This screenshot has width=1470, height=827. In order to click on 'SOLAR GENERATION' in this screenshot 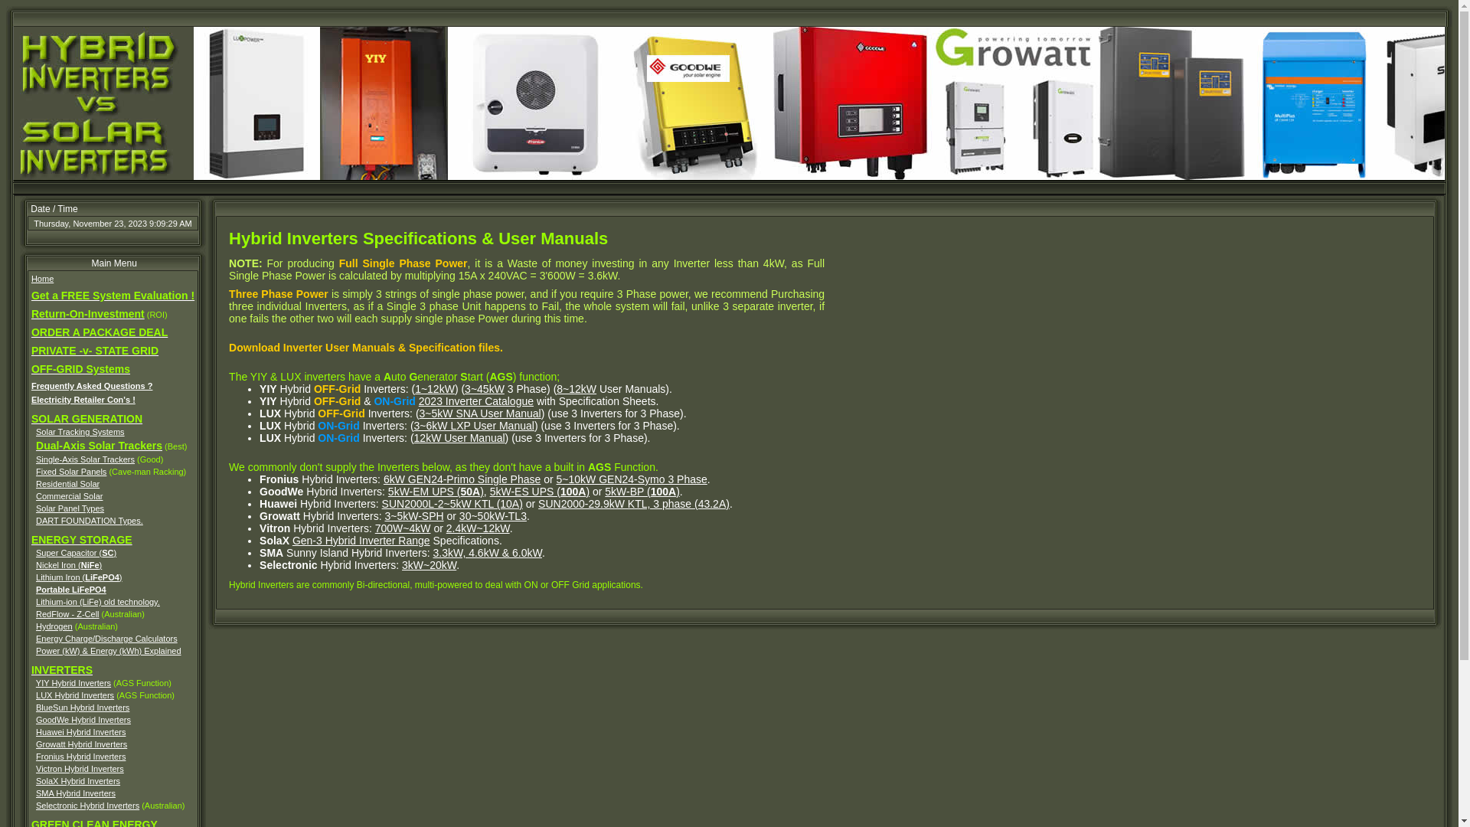, I will do `click(31, 419)`.